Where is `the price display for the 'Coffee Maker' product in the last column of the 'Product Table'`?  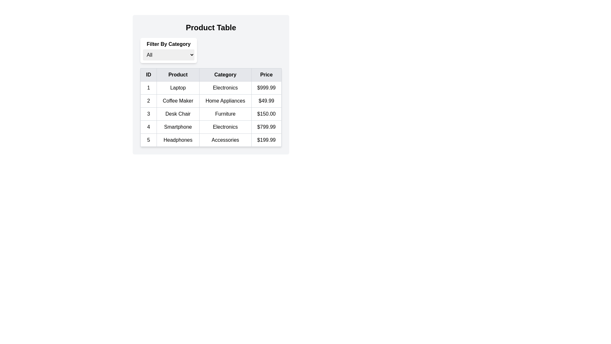
the price display for the 'Coffee Maker' product in the last column of the 'Product Table' is located at coordinates (266, 100).